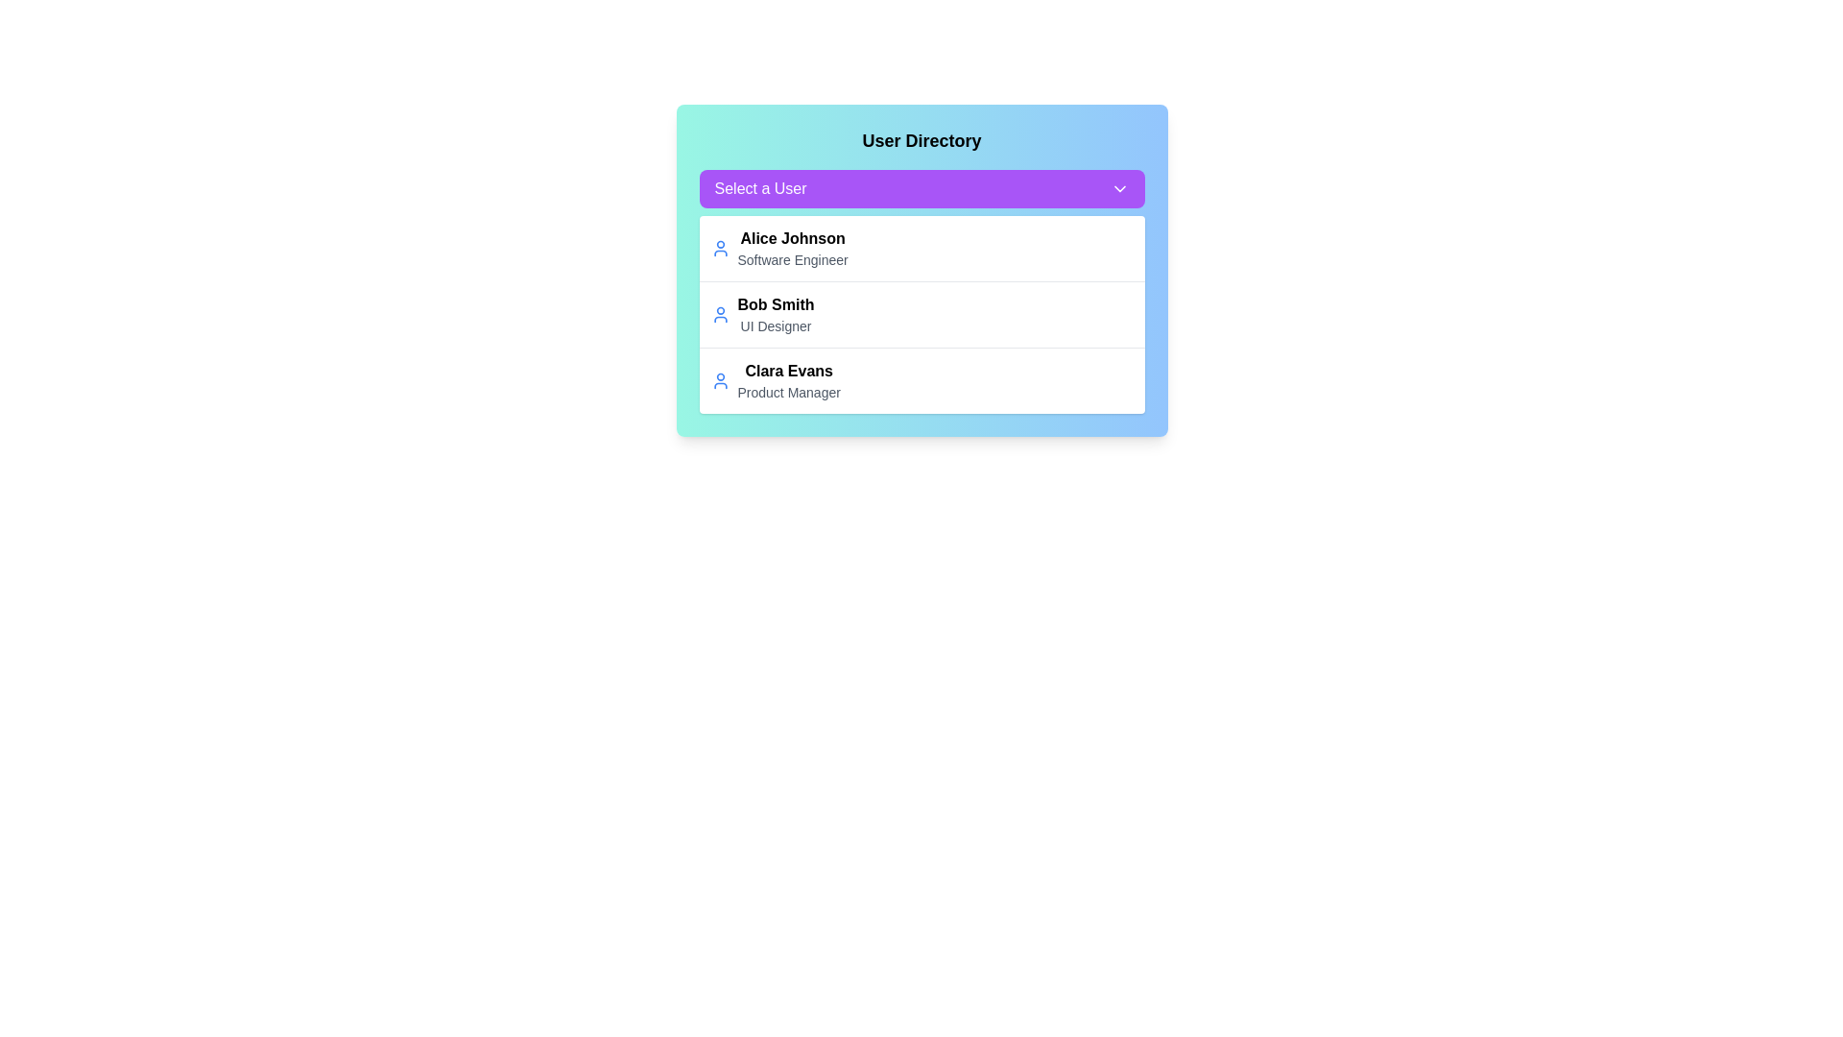  I want to click on the second entry in the User Directory list, which represents a selectable user and provides user information, so click(921, 313).